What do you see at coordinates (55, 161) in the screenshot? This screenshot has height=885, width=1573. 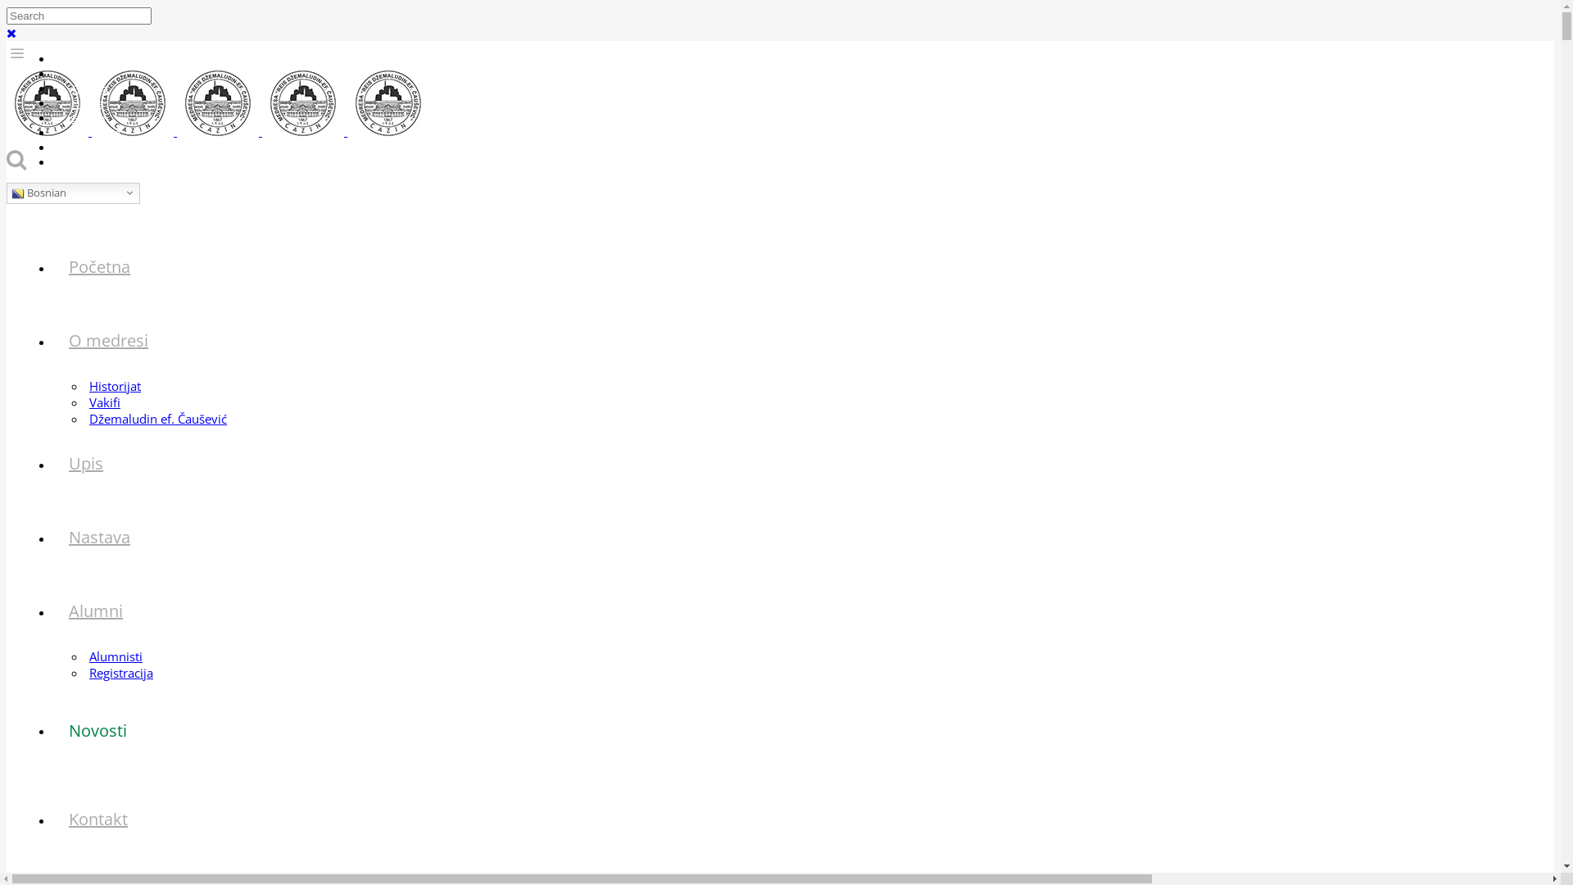 I see `'Prijava'` at bounding box center [55, 161].